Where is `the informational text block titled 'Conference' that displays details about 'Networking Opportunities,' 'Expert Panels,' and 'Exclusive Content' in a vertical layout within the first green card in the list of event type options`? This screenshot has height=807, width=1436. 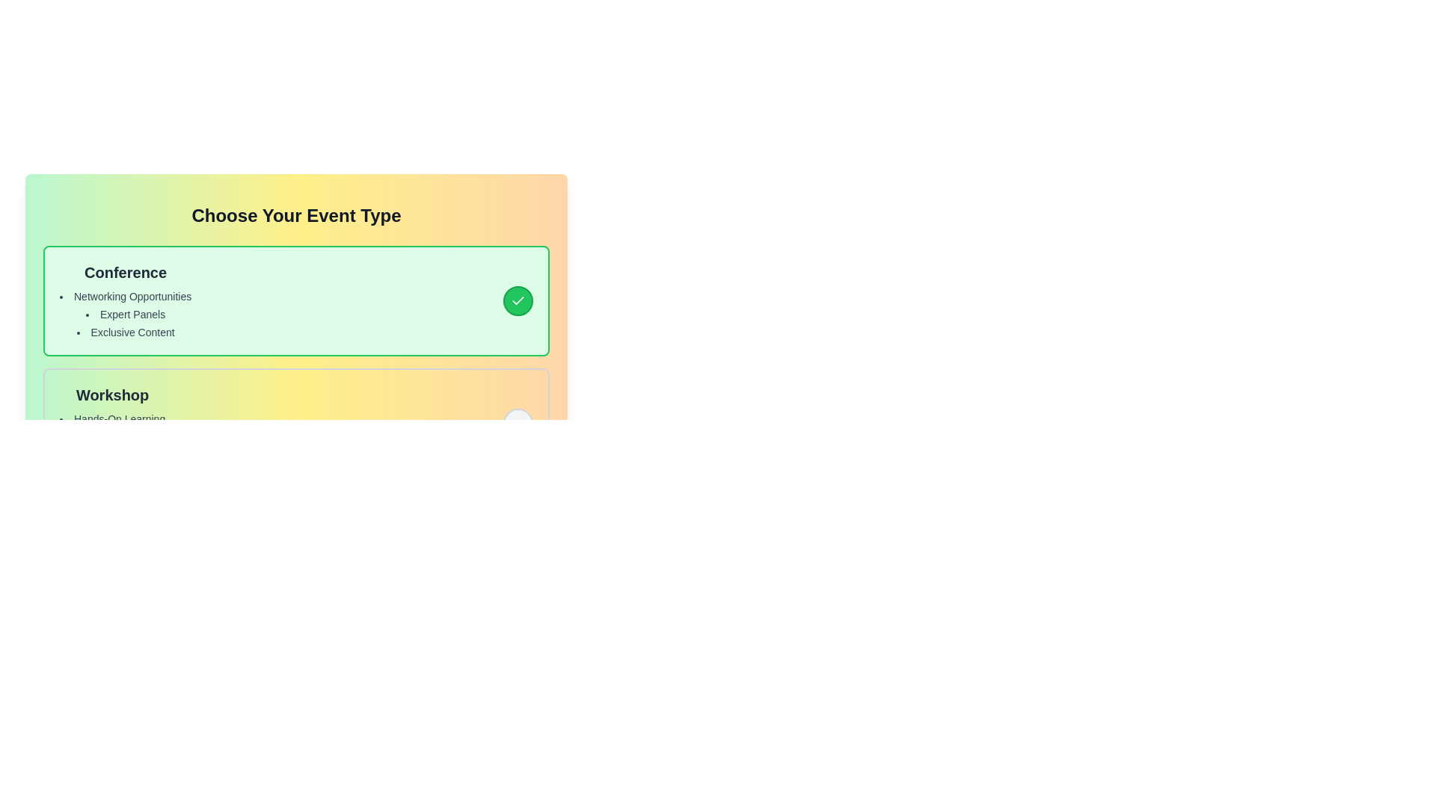
the informational text block titled 'Conference' that displays details about 'Networking Opportunities,' 'Expert Panels,' and 'Exclusive Content' in a vertical layout within the first green card in the list of event type options is located at coordinates (126, 300).